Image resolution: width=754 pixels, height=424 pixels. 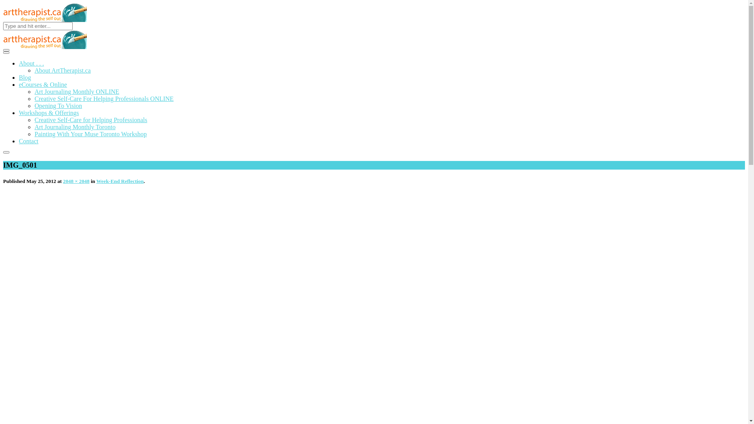 I want to click on 'eCourses & Online', so click(x=19, y=84).